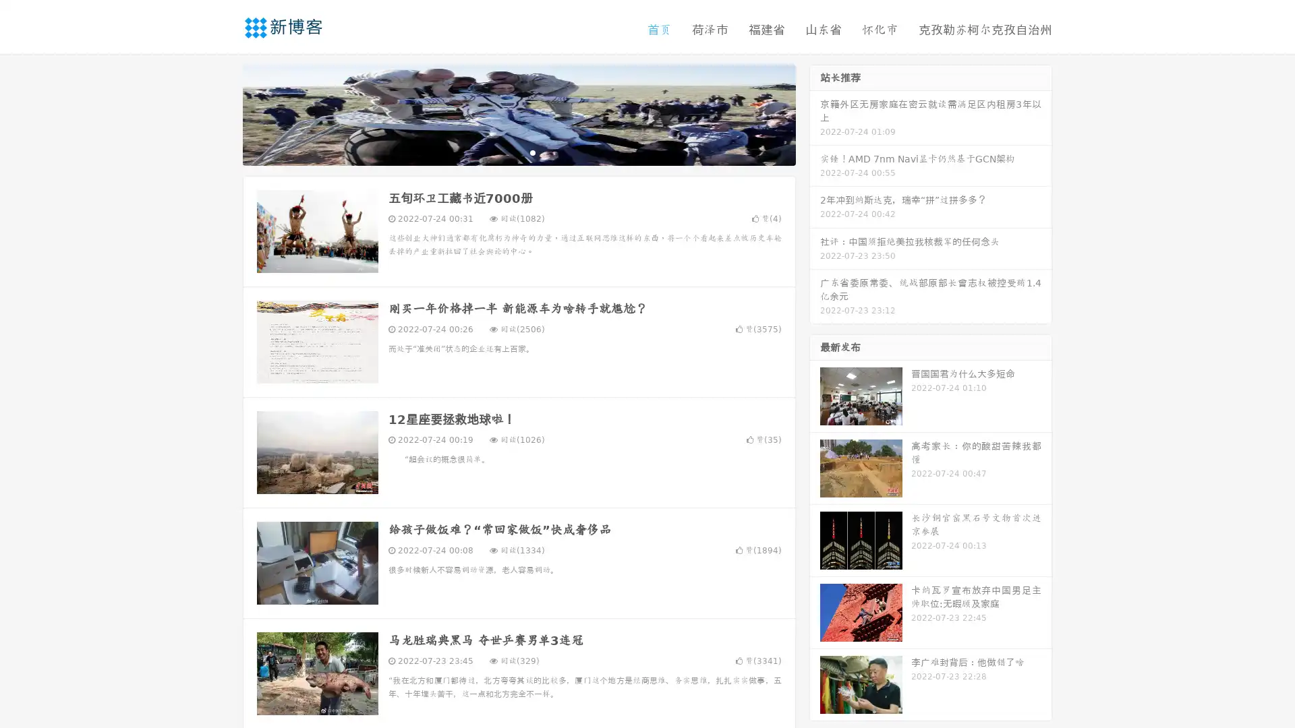 Image resolution: width=1295 pixels, height=728 pixels. Describe the element at coordinates (223, 113) in the screenshot. I see `Previous slide` at that location.